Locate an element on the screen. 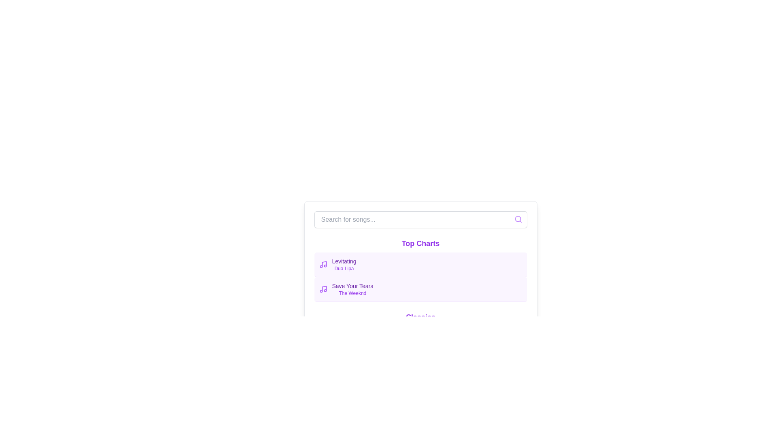 This screenshot has width=777, height=437. the list item displaying the song title 'Save Your Tears' by 'The Weeknd' is located at coordinates (420, 277).